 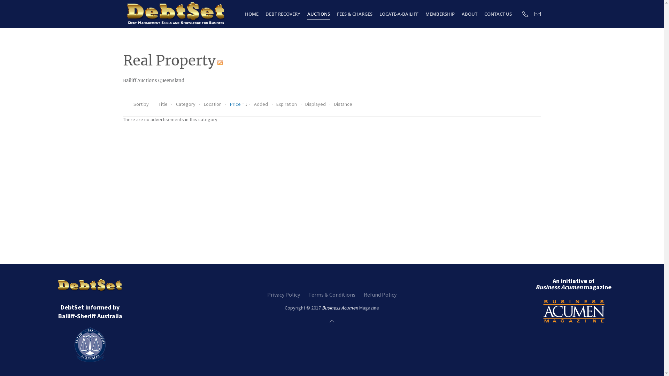 I want to click on 'FEES & CHARGES', so click(x=354, y=14).